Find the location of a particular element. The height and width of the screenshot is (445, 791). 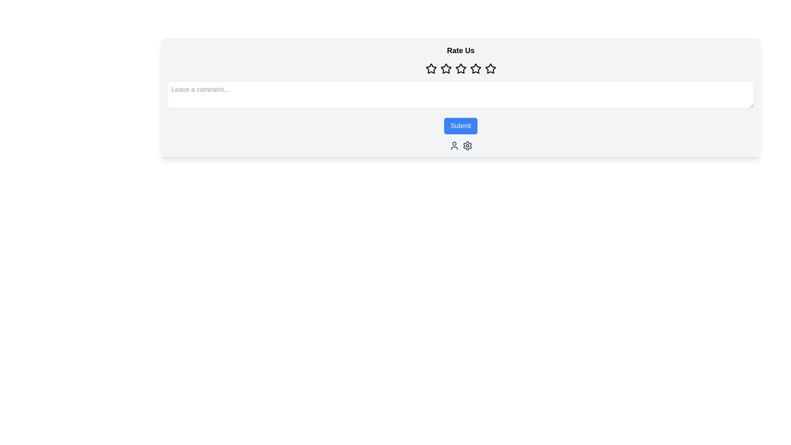

the fourth star in the rating section to set a rating of four out of five stars is located at coordinates (475, 68).